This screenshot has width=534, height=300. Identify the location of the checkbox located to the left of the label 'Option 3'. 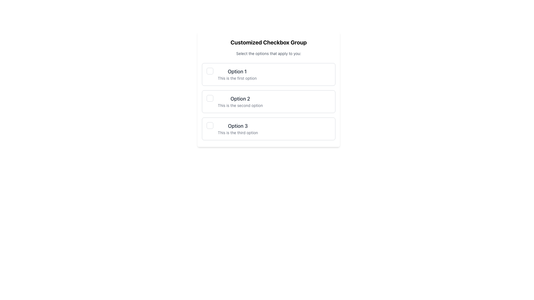
(209, 125).